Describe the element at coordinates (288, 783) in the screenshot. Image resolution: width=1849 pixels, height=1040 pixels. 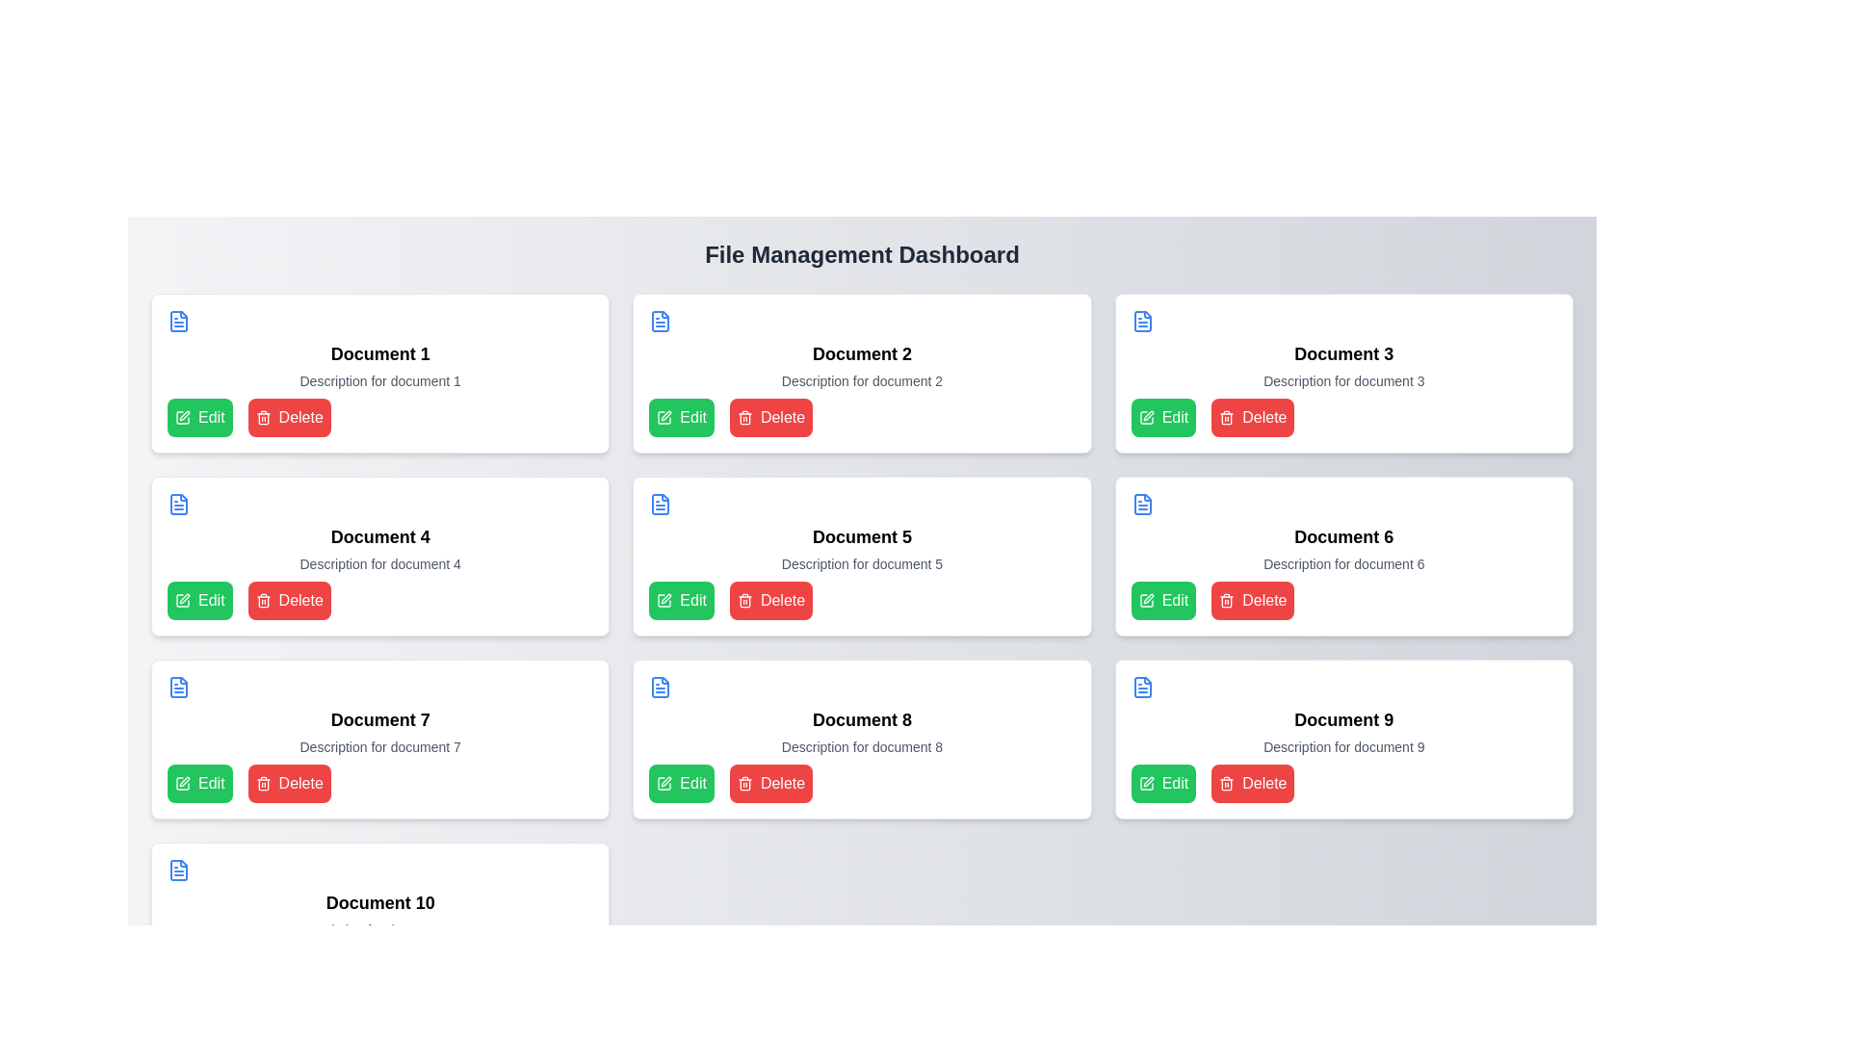
I see `the 'Delete' button located in the bottom section of 'Document 7', which is the second button to the right of the 'Edit' button` at that location.